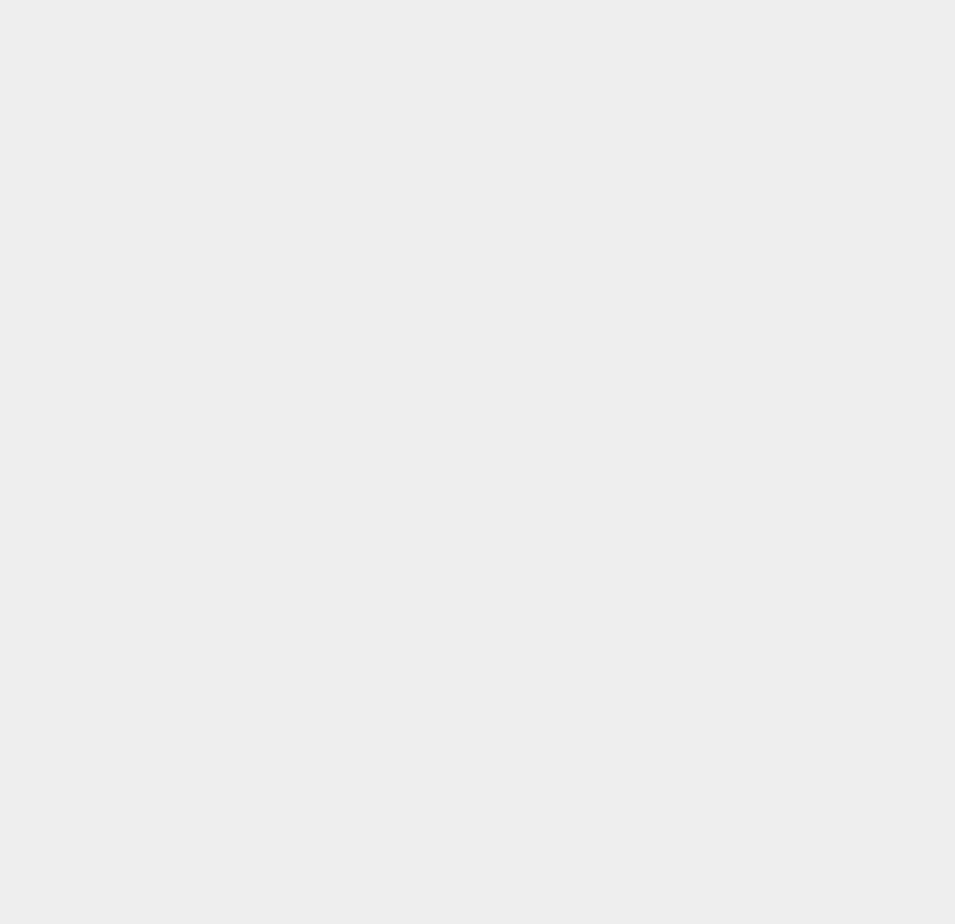 This screenshot has height=924, width=955. I want to click on 'iPad 4', so click(692, 173).